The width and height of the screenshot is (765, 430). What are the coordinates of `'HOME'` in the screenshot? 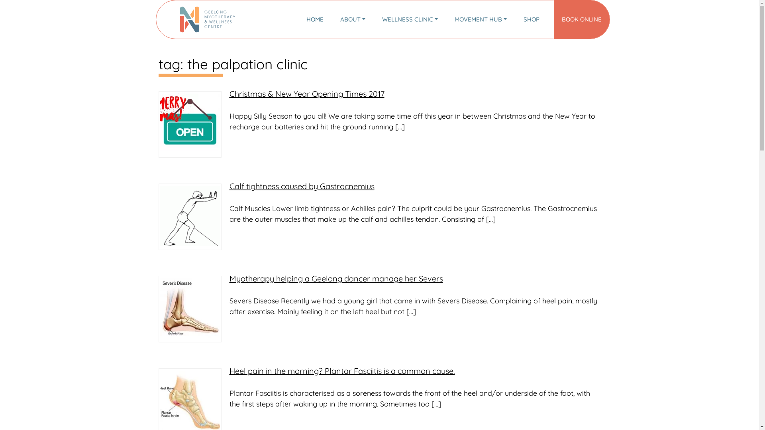 It's located at (314, 19).